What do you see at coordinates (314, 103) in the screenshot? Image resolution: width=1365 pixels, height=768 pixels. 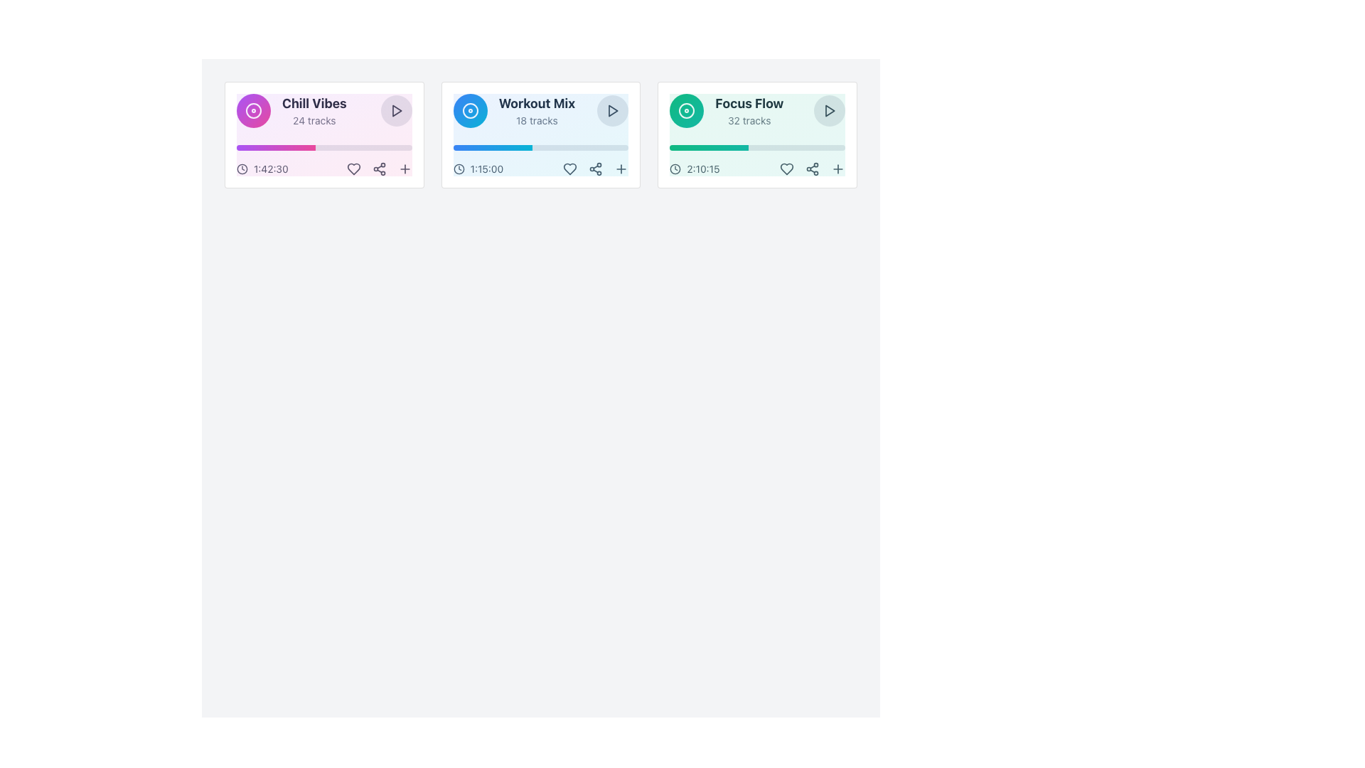 I see `the 'Chill Vibes' text label` at bounding box center [314, 103].